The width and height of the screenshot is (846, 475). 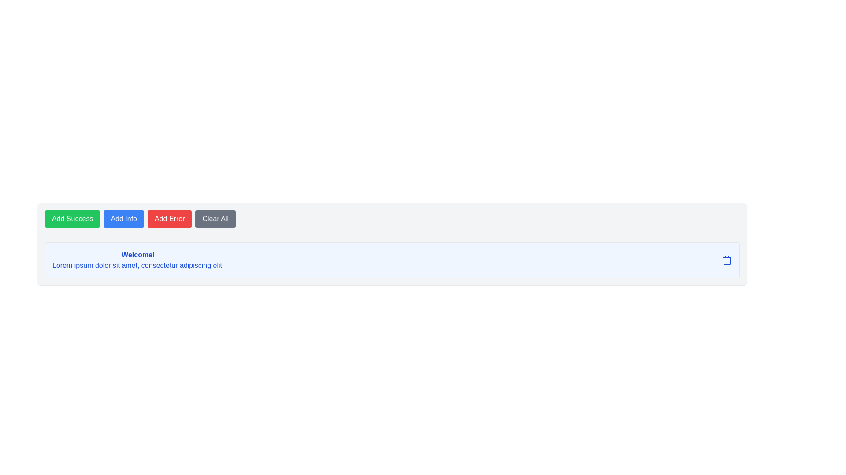 I want to click on the clickable trash can icon located at the rightmost end of the notification bar, so click(x=727, y=259).